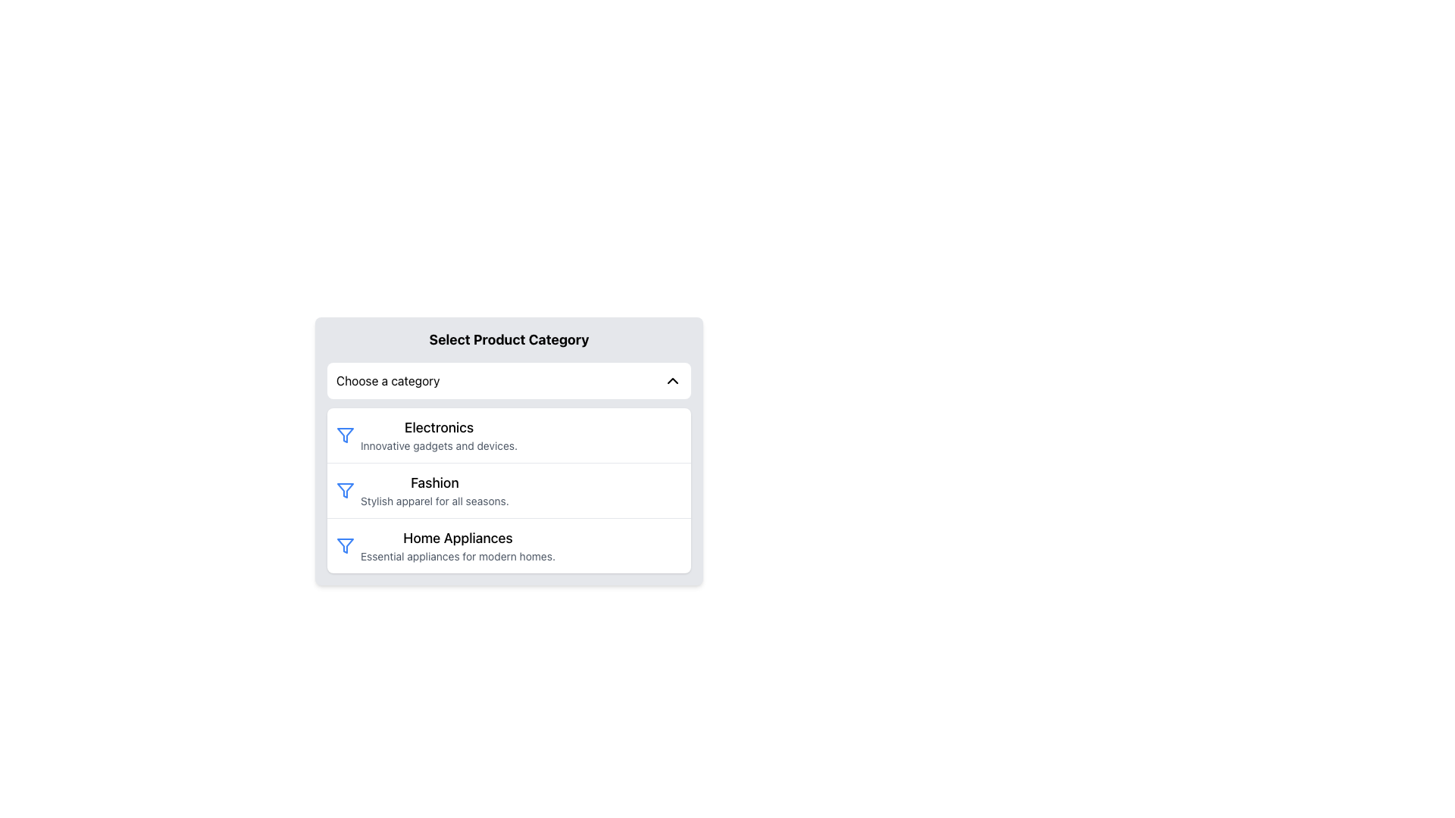  Describe the element at coordinates (345, 491) in the screenshot. I see `the filtering icon located to the left of the text 'FashionStylish apparel for all seasons.'` at that location.